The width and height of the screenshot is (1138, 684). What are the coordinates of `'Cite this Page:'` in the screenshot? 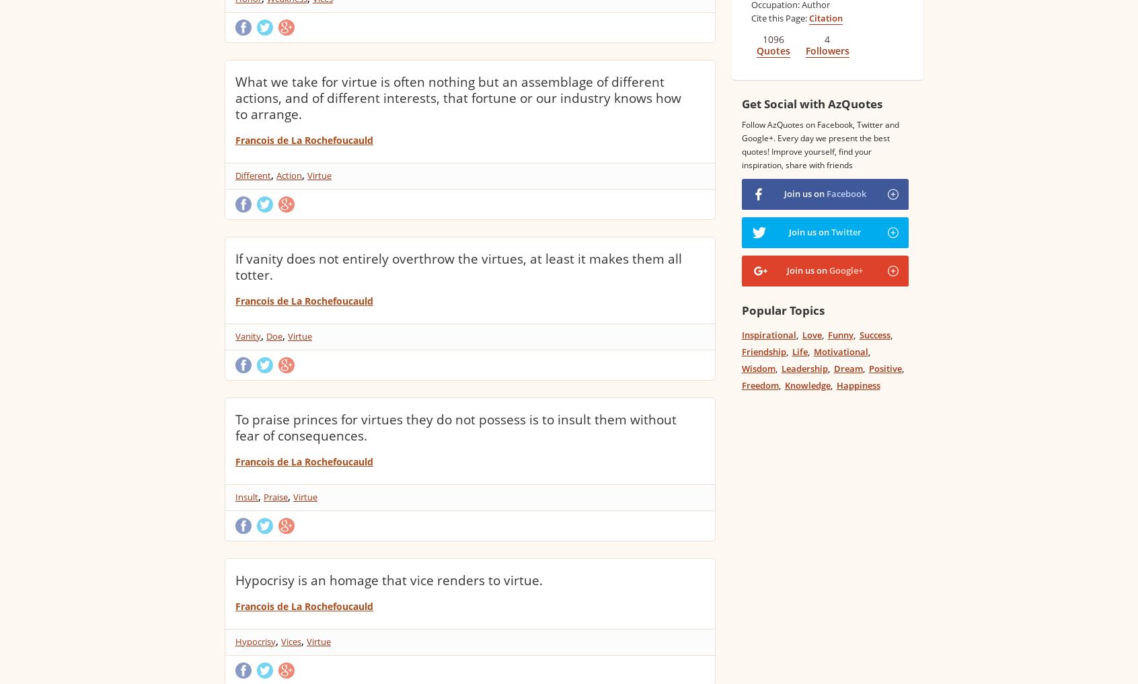 It's located at (751, 17).